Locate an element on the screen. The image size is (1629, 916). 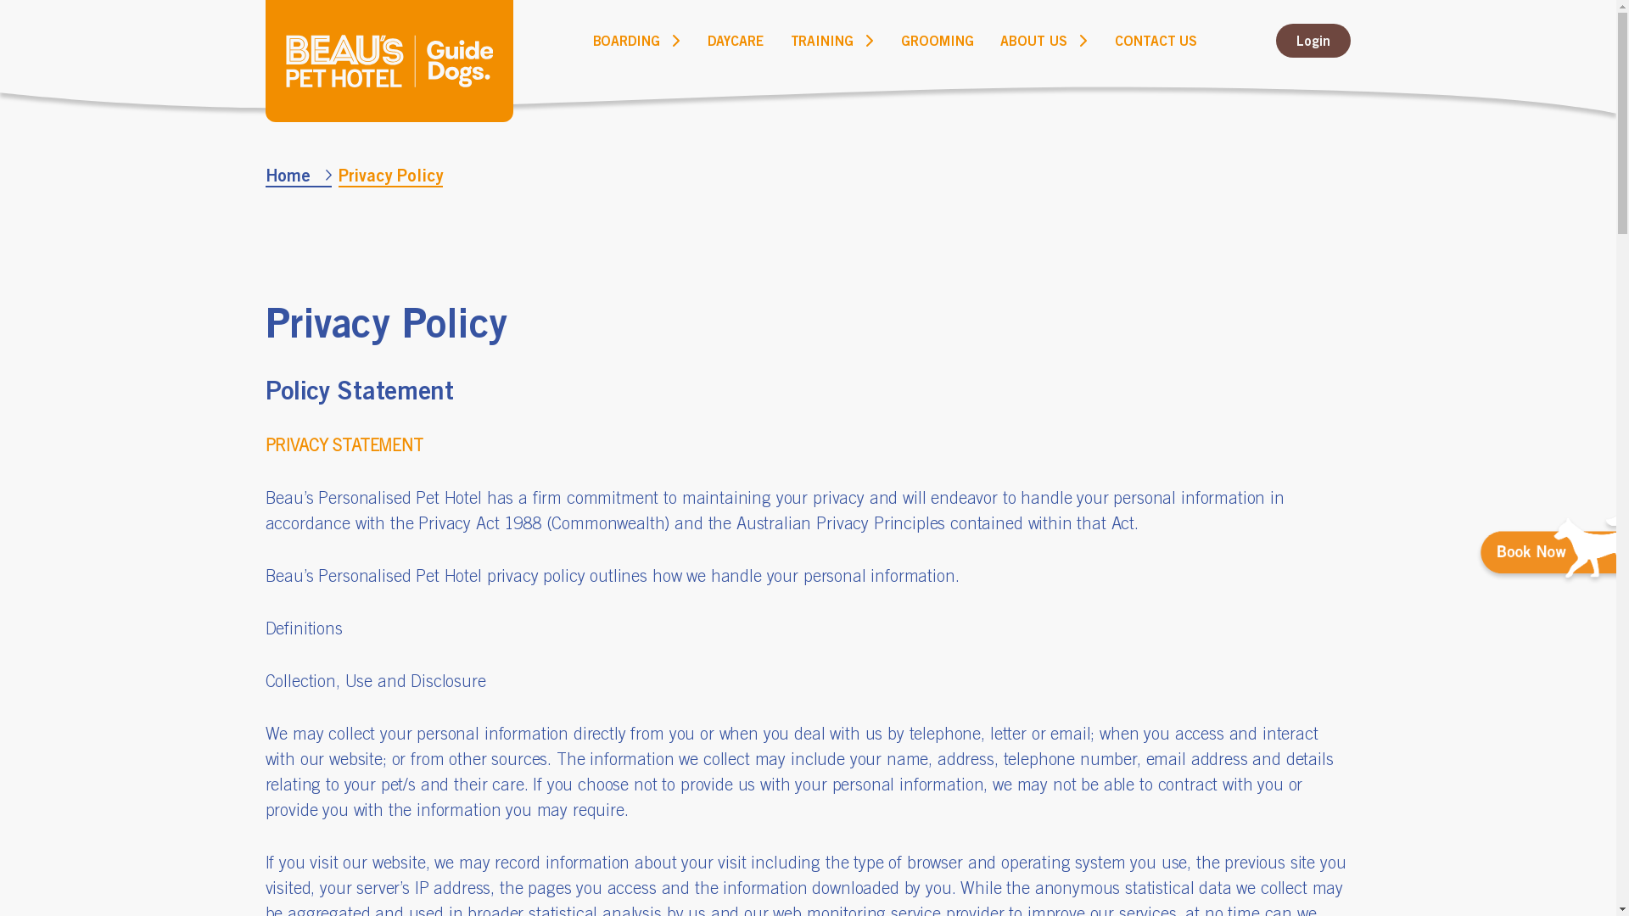
'Privacy Policy' is located at coordinates (389, 176).